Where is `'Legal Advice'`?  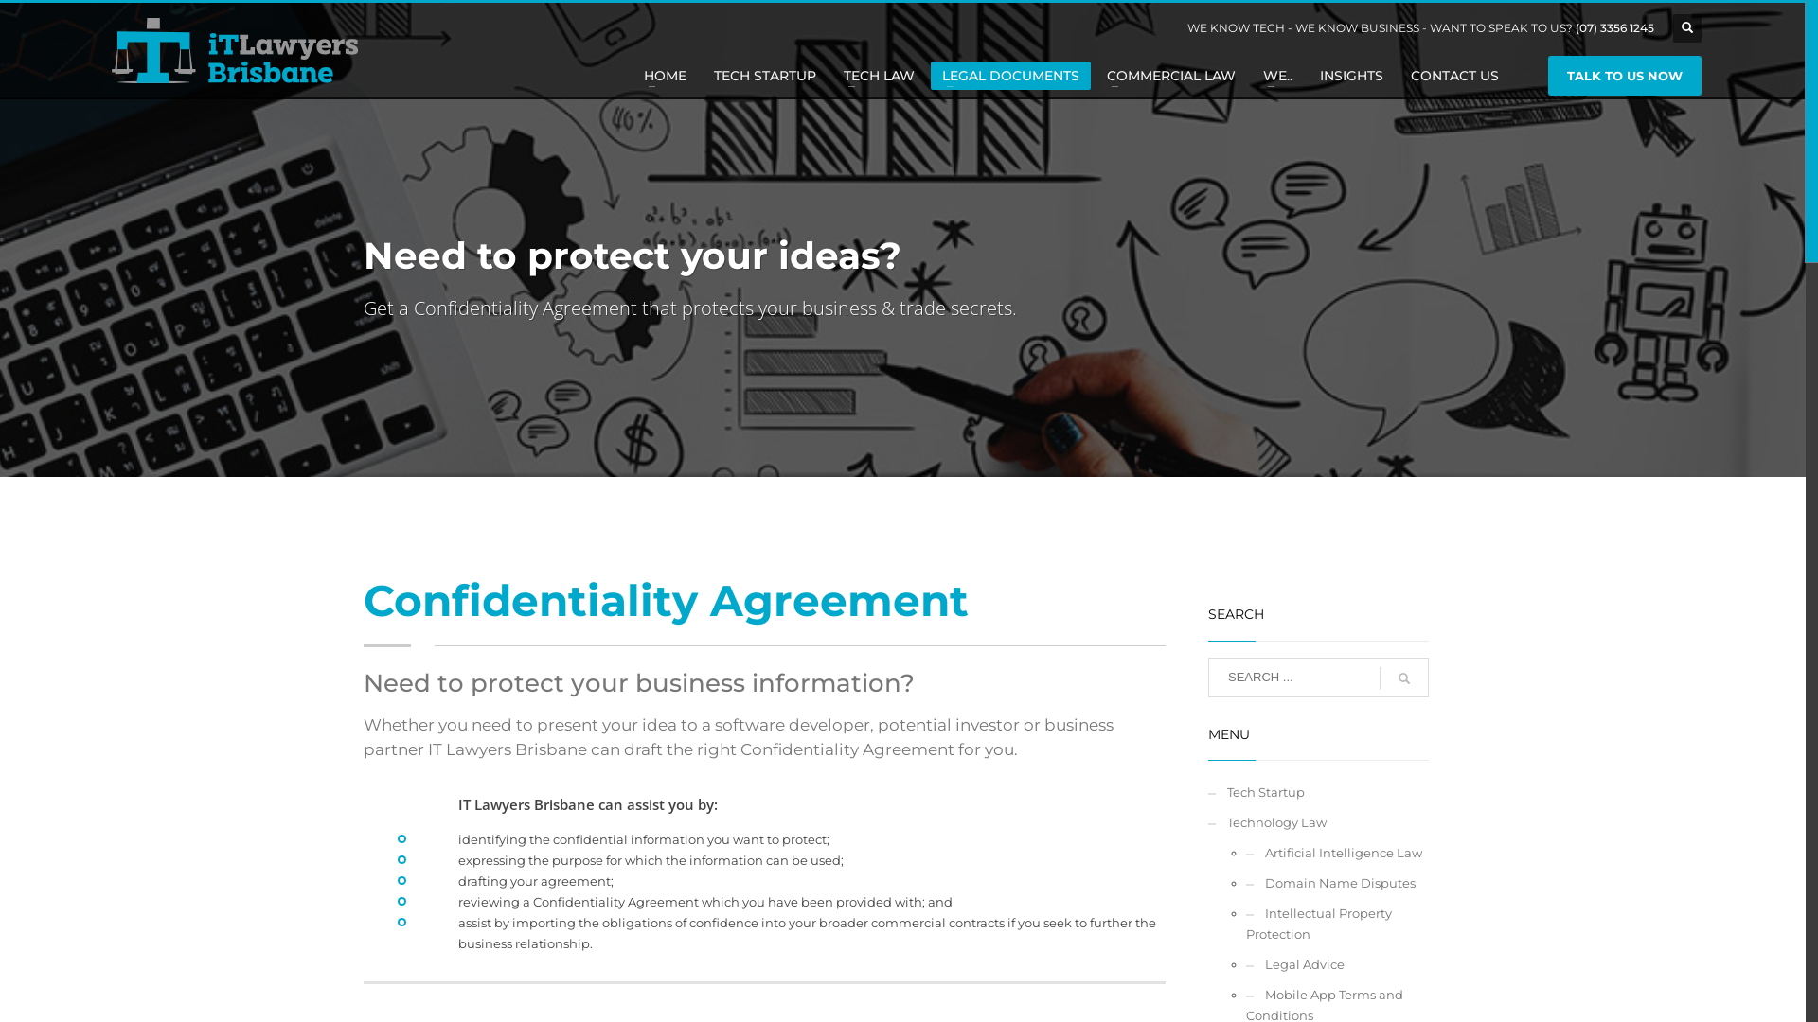
'Legal Advice' is located at coordinates (1336, 963).